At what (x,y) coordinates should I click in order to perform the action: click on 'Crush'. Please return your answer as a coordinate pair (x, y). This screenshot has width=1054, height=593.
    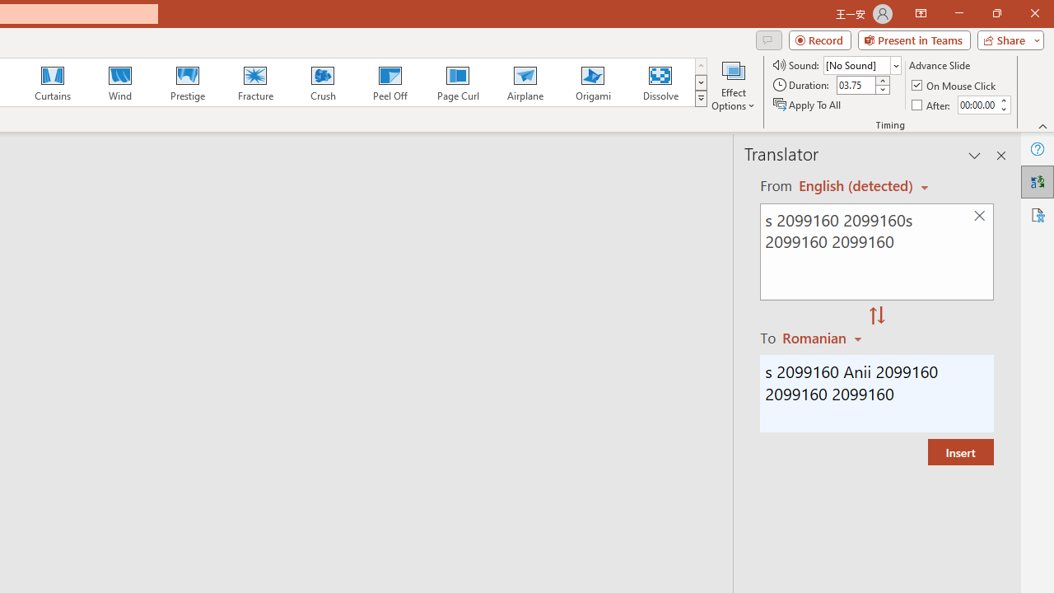
    Looking at the image, I should click on (322, 82).